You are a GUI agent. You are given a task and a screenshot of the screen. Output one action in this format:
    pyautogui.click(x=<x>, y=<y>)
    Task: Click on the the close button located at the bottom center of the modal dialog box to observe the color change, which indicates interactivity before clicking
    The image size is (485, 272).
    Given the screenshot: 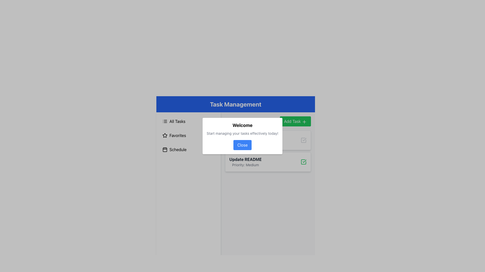 What is the action you would take?
    pyautogui.click(x=243, y=145)
    